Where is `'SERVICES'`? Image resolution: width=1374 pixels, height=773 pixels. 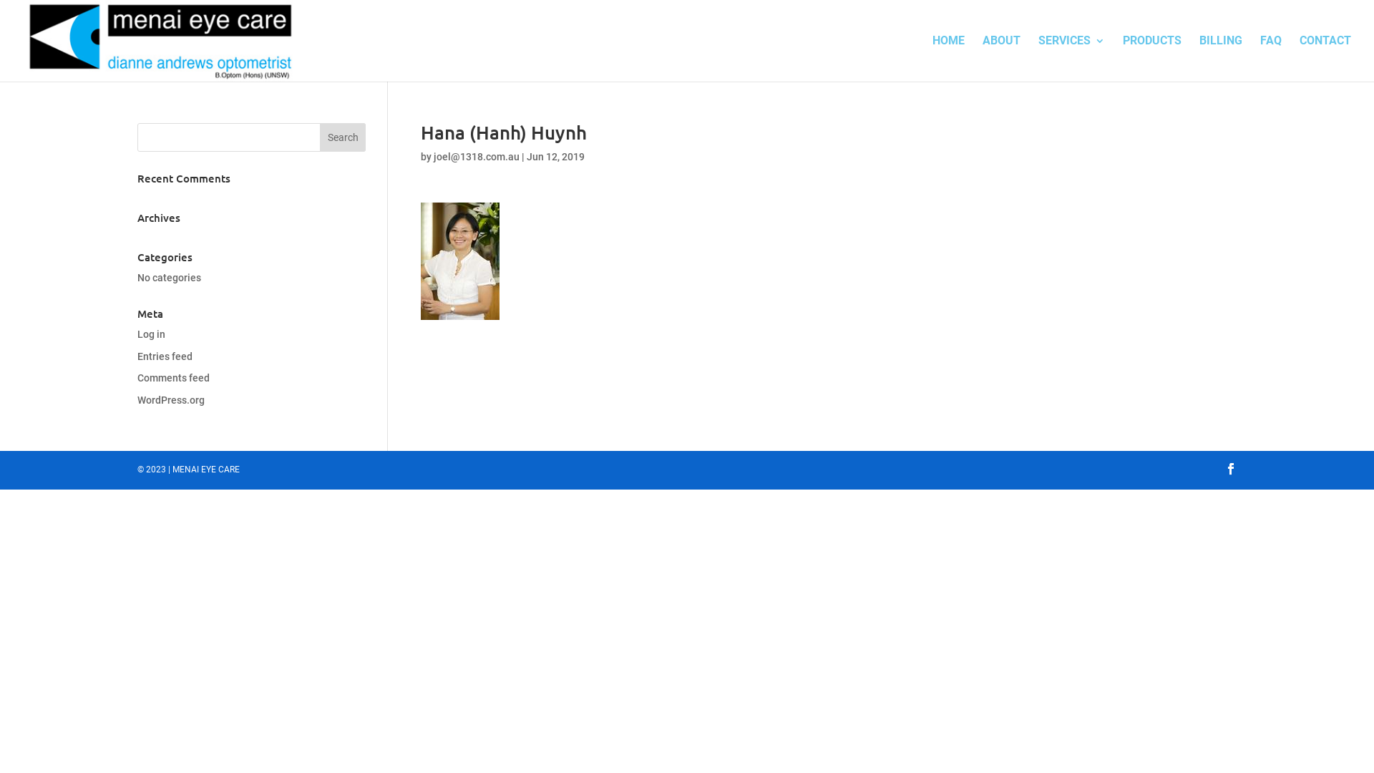 'SERVICES' is located at coordinates (1071, 57).